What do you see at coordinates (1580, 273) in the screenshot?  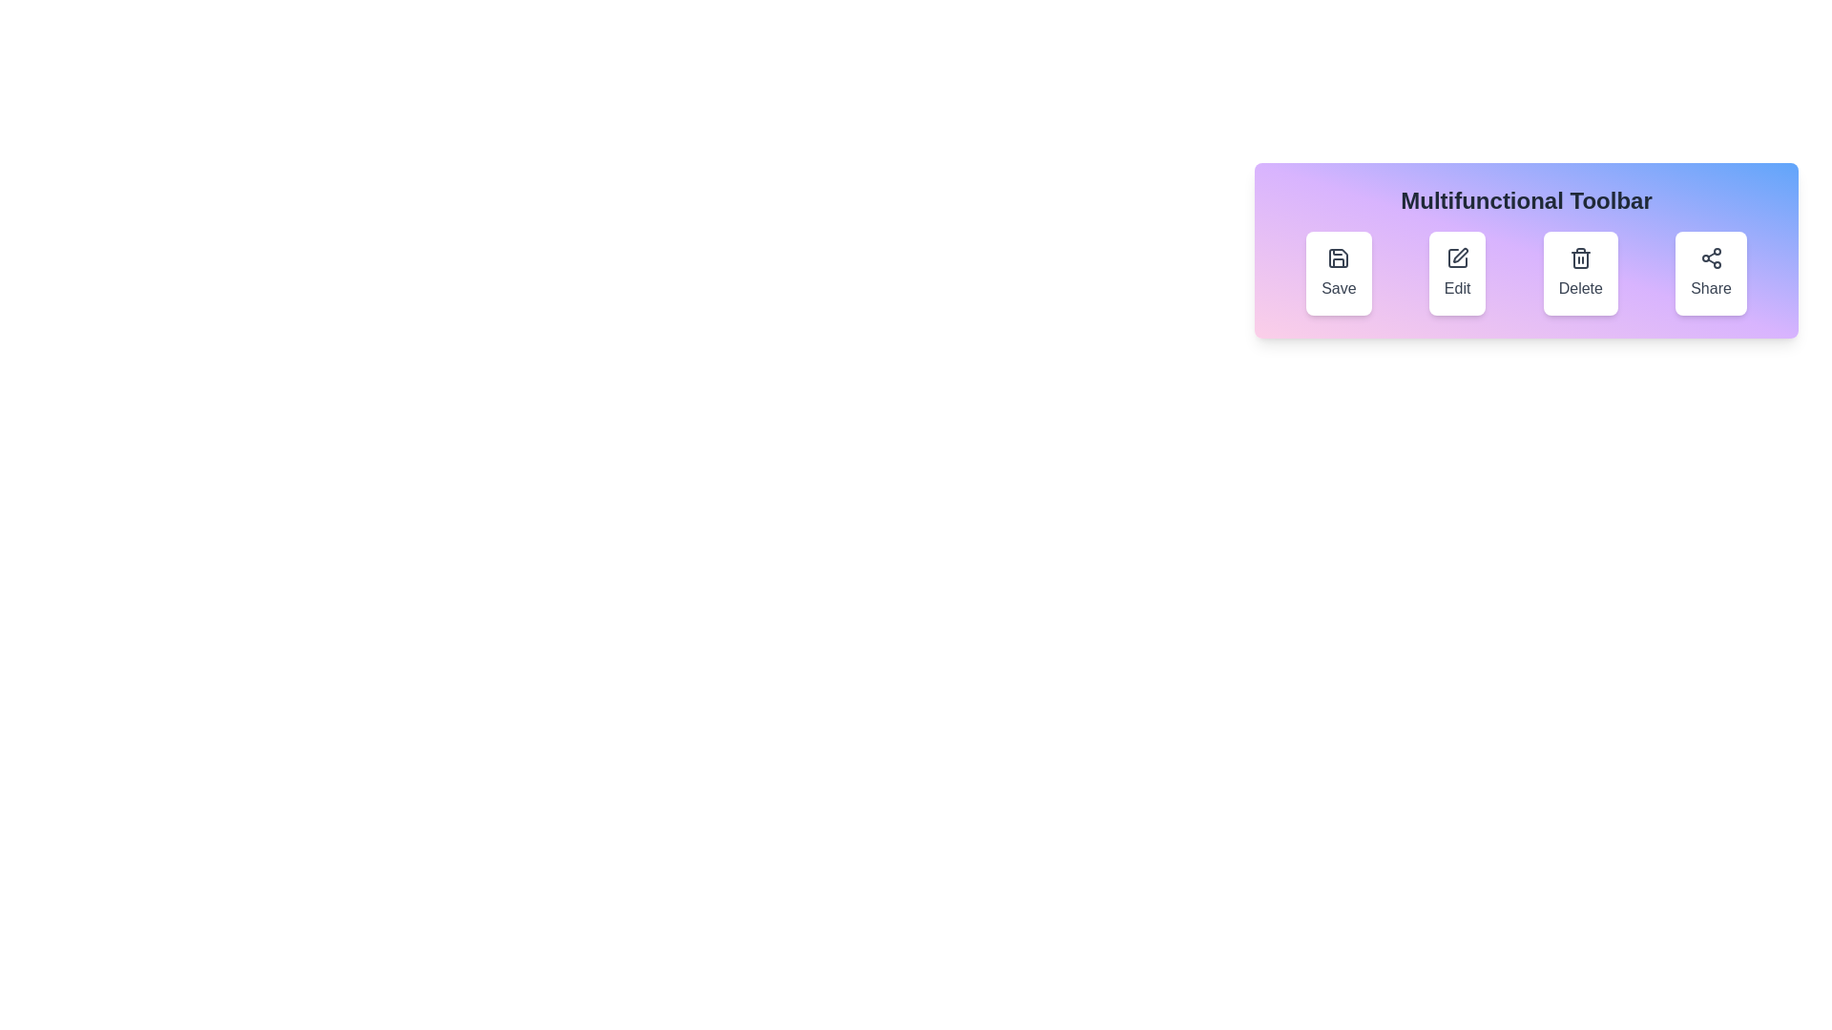 I see `the 'Delete' button with a trash icon, which is the third button from the left in a horizontal toolbar` at bounding box center [1580, 273].